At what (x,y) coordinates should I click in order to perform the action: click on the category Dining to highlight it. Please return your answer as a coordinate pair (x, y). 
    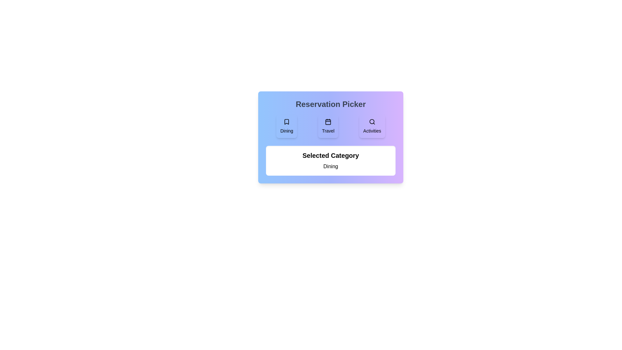
    Looking at the image, I should click on (286, 126).